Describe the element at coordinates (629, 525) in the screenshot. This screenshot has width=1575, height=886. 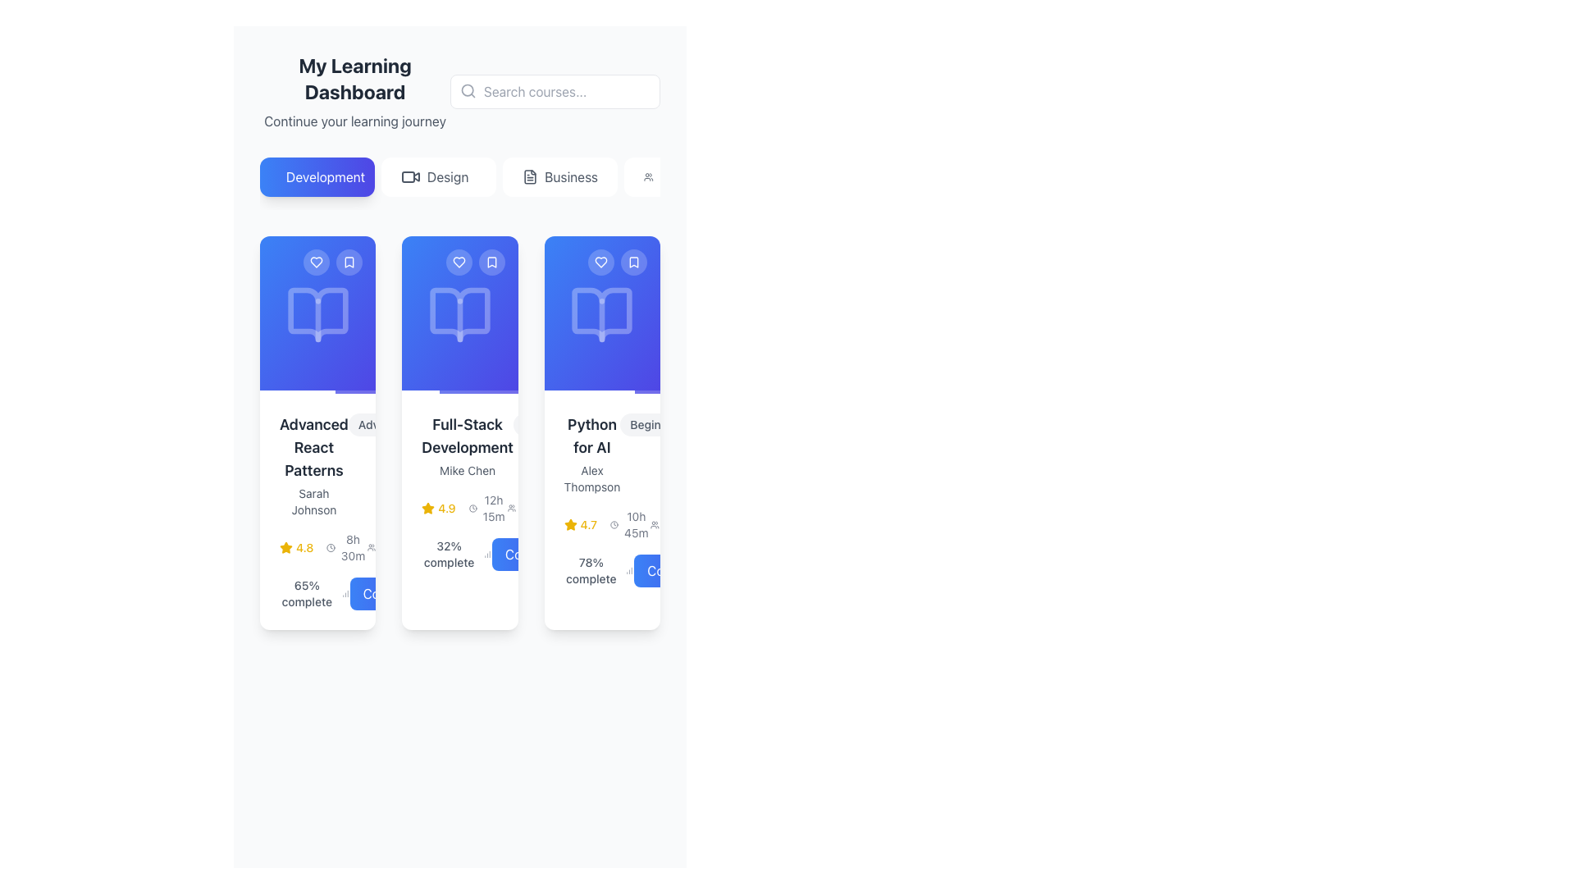
I see `the text label displaying '10h 45m' with a clock icon` at that location.